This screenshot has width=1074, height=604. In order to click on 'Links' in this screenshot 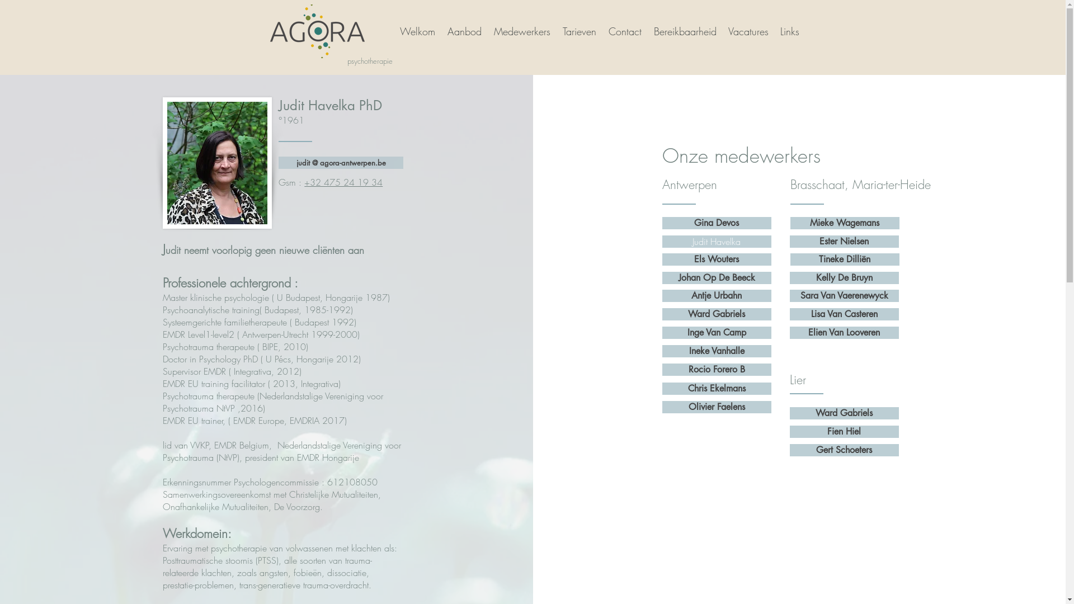, I will do `click(789, 31)`.